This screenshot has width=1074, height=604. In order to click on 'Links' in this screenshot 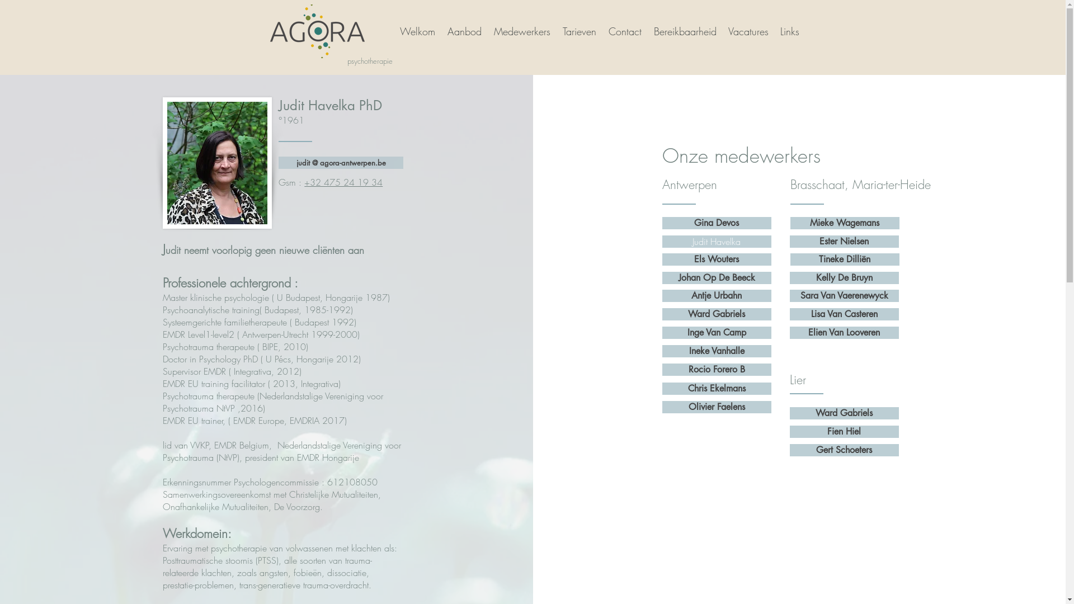, I will do `click(789, 31)`.